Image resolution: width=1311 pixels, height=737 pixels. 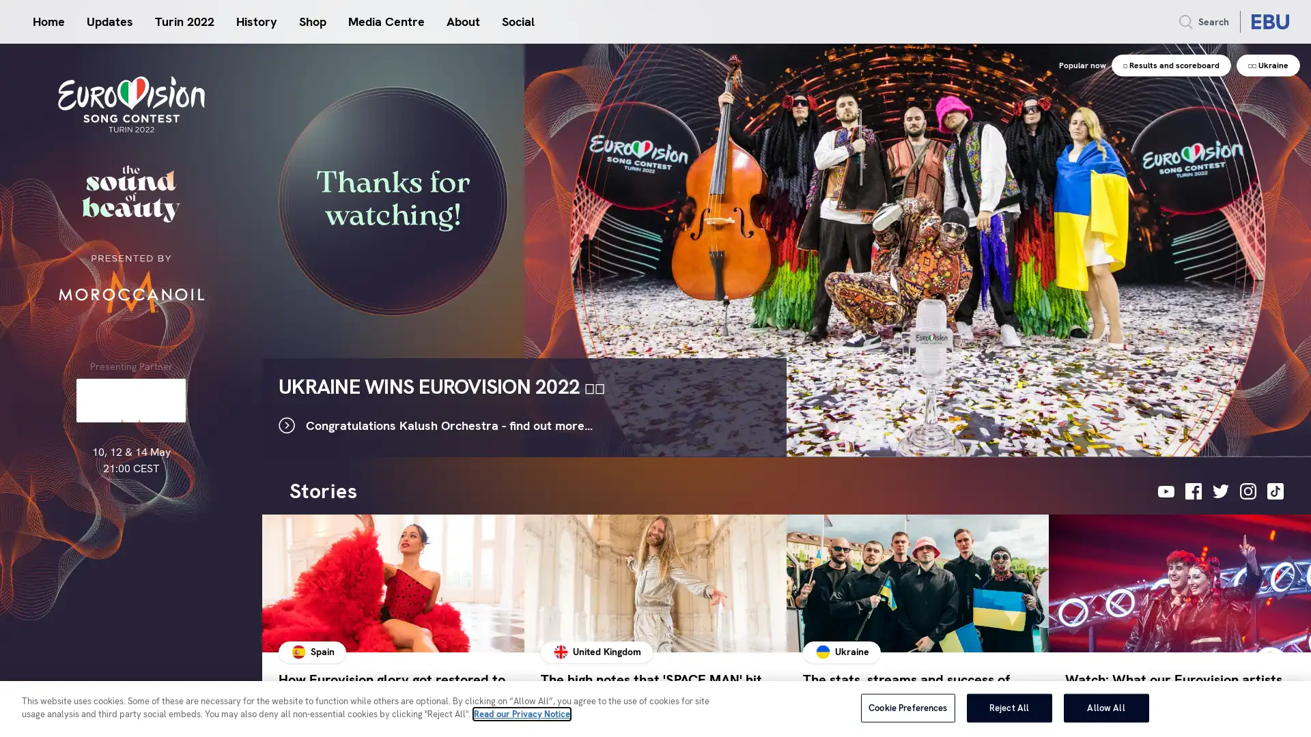 I want to click on Allow All, so click(x=1105, y=707).